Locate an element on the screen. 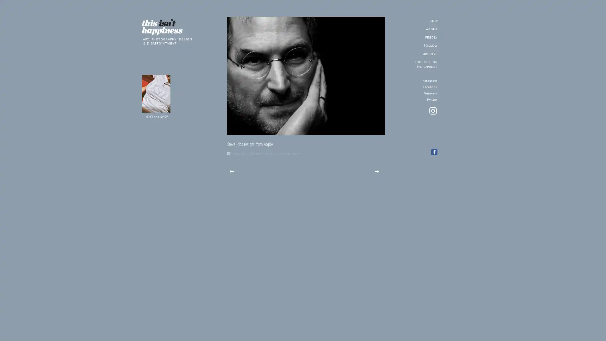 The image size is (606, 341). Share to Facebook is located at coordinates (433, 152).